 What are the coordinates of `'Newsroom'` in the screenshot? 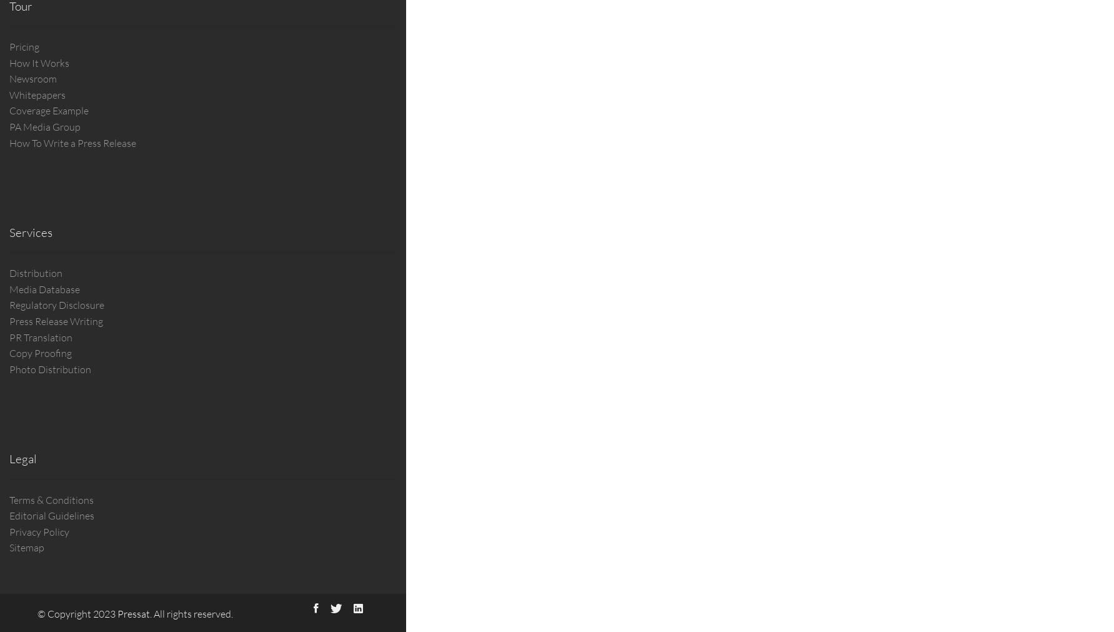 It's located at (32, 78).